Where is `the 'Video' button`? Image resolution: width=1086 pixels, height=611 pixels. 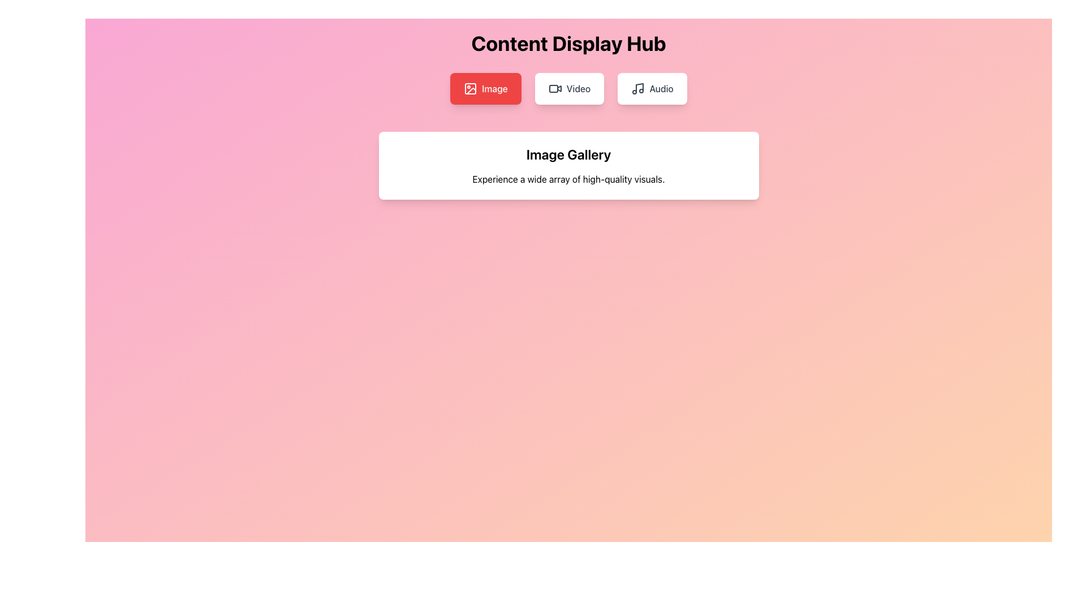 the 'Video' button is located at coordinates (568, 88).